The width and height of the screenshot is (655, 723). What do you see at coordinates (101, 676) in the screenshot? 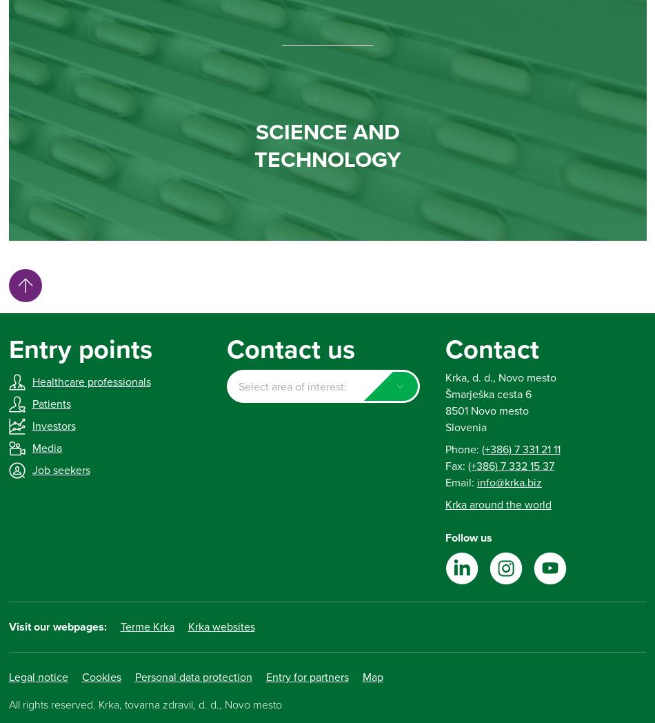
I see `'Cookies'` at bounding box center [101, 676].